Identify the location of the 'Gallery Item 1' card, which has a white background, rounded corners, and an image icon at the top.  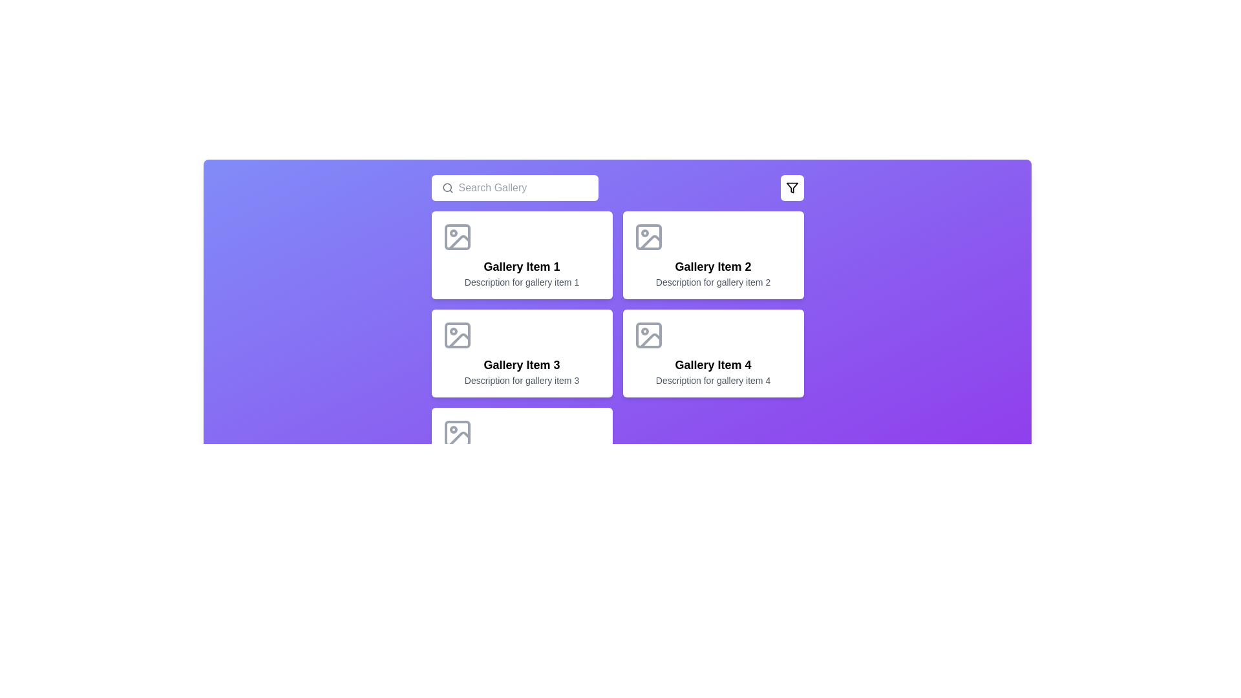
(522, 255).